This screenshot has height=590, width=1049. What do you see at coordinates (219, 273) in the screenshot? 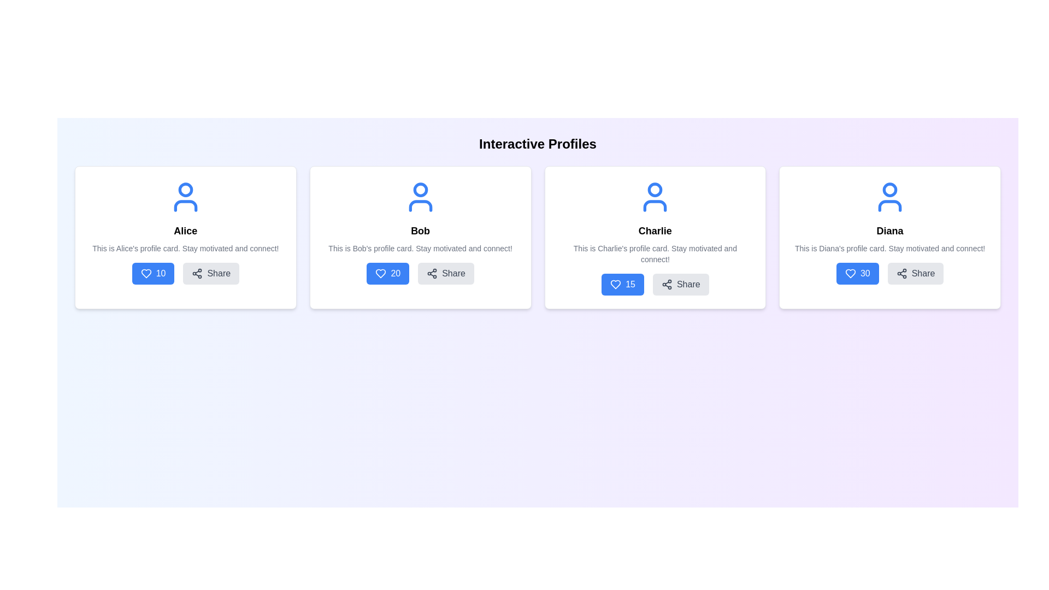
I see `the text label indicating sharing functionality located to the right of the icon within the button on Alice's profile card` at bounding box center [219, 273].